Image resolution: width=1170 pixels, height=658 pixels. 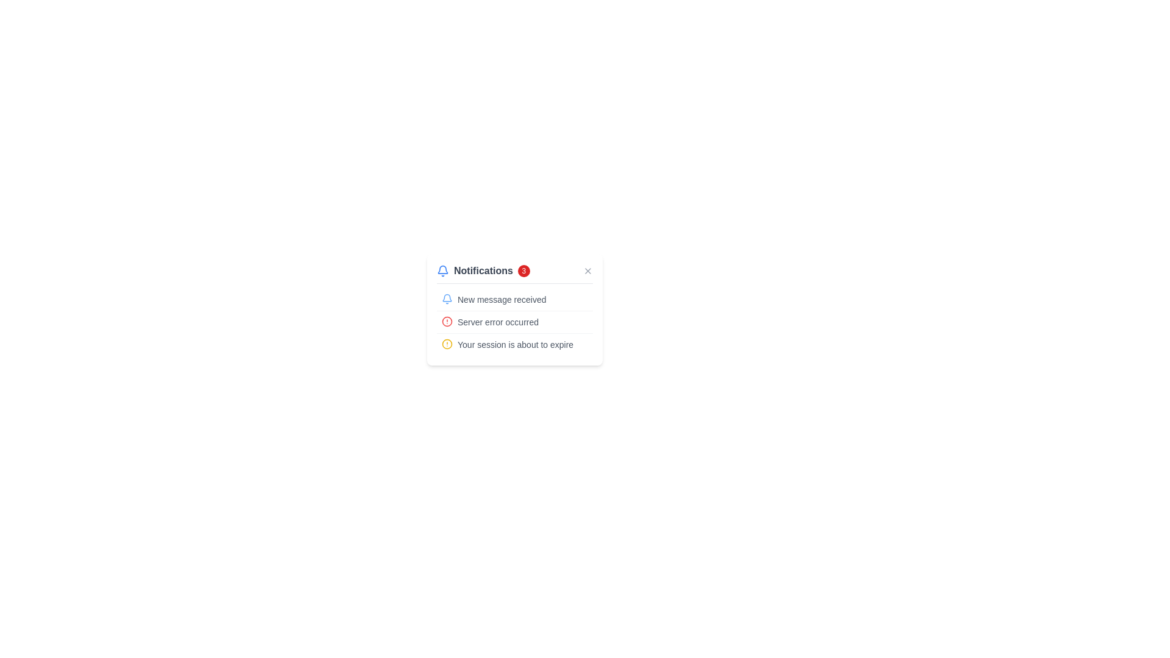 What do you see at coordinates (516, 345) in the screenshot?
I see `the static text label that reads 'Your session is about to expire', which is aligned to the right of a yellow circular icon and located at the bottom of the notification list` at bounding box center [516, 345].